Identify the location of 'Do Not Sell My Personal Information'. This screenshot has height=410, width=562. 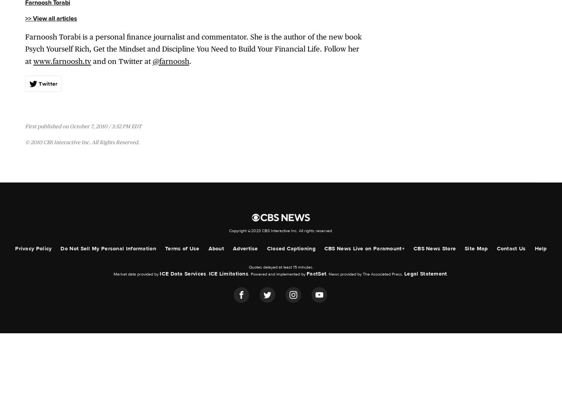
(108, 248).